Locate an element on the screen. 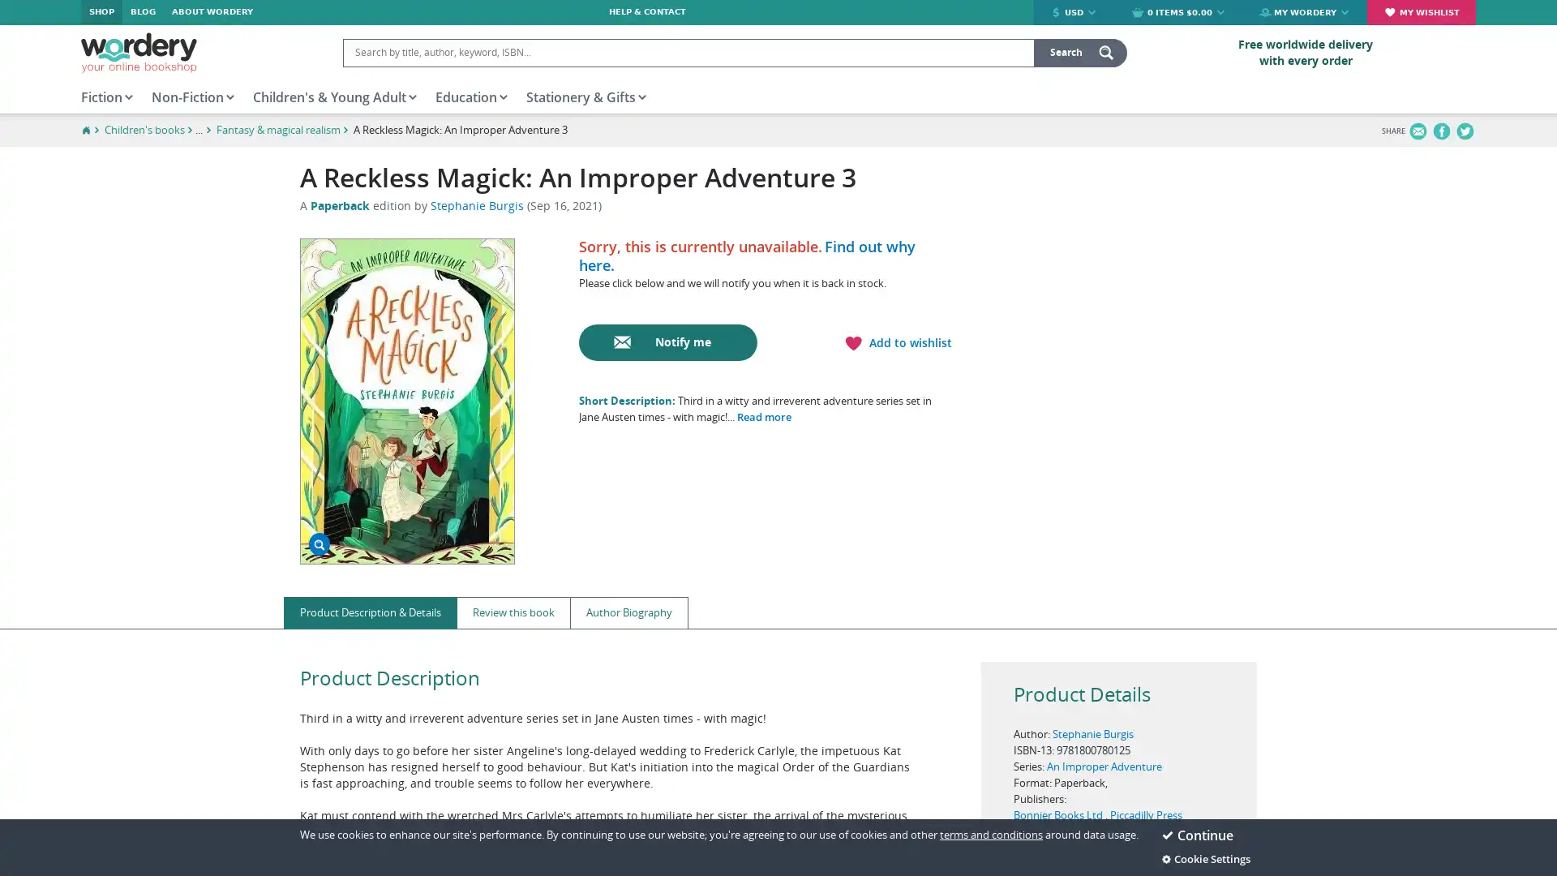 The width and height of the screenshot is (1557, 876). Add to wishlist is located at coordinates (895, 342).